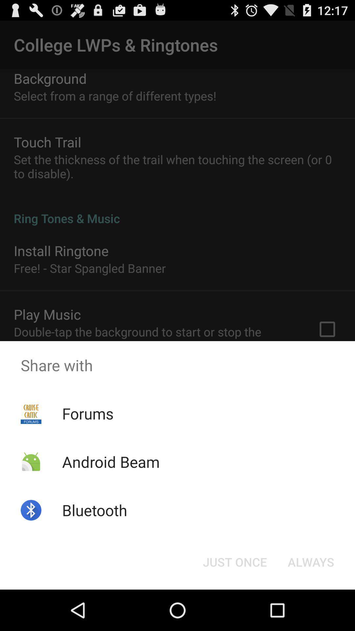 This screenshot has width=355, height=631. I want to click on item at the bottom, so click(234, 561).